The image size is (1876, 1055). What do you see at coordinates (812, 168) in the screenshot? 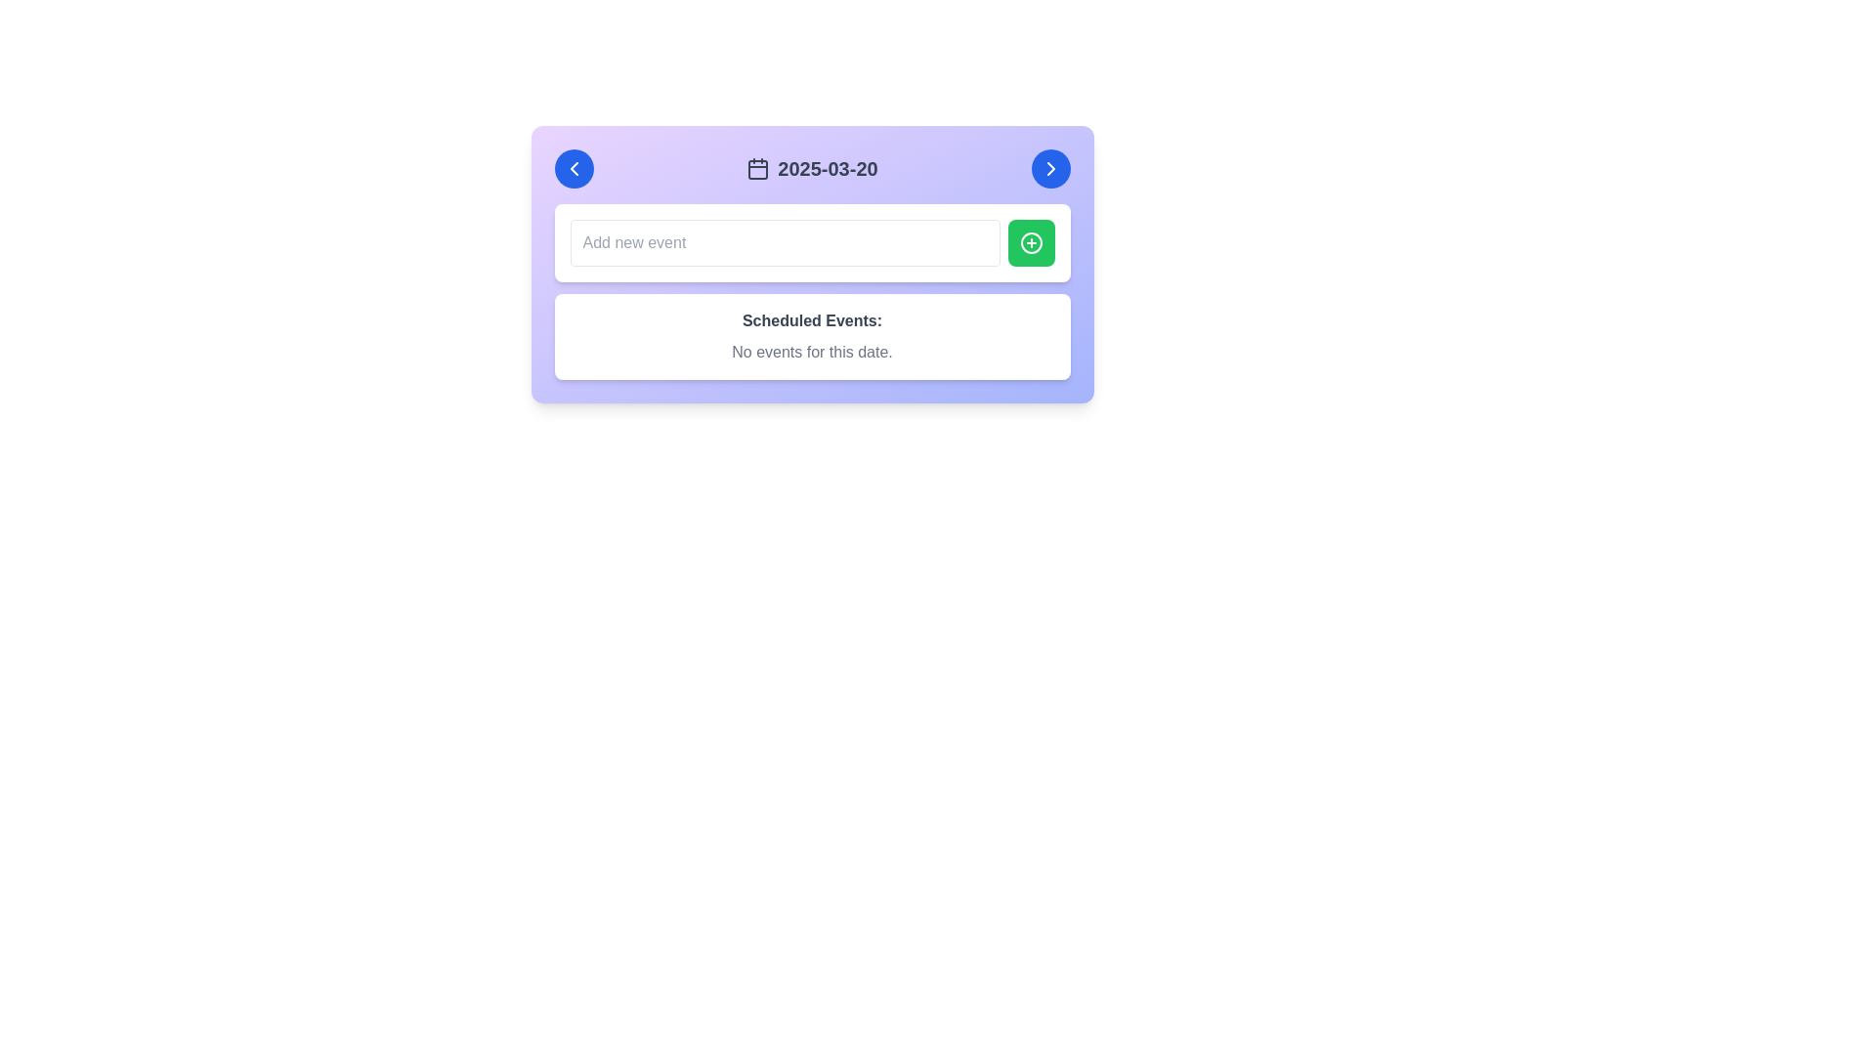
I see `date displayed on the Date Display Label, which is centrally located between the navigation buttons and above the event text box` at bounding box center [812, 168].